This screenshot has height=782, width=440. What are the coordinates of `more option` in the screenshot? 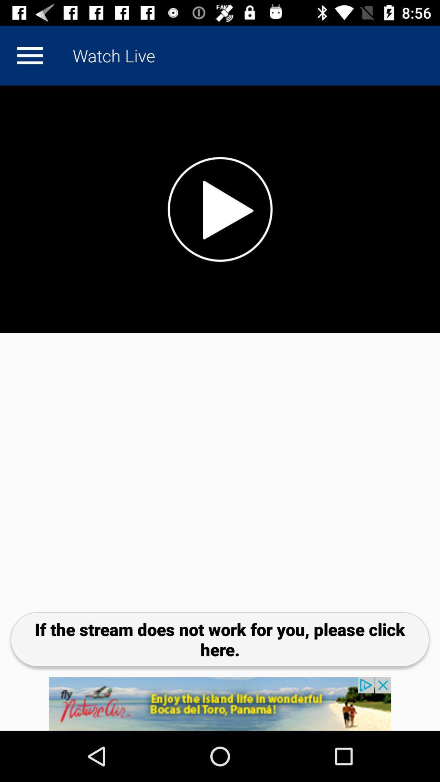 It's located at (29, 55).